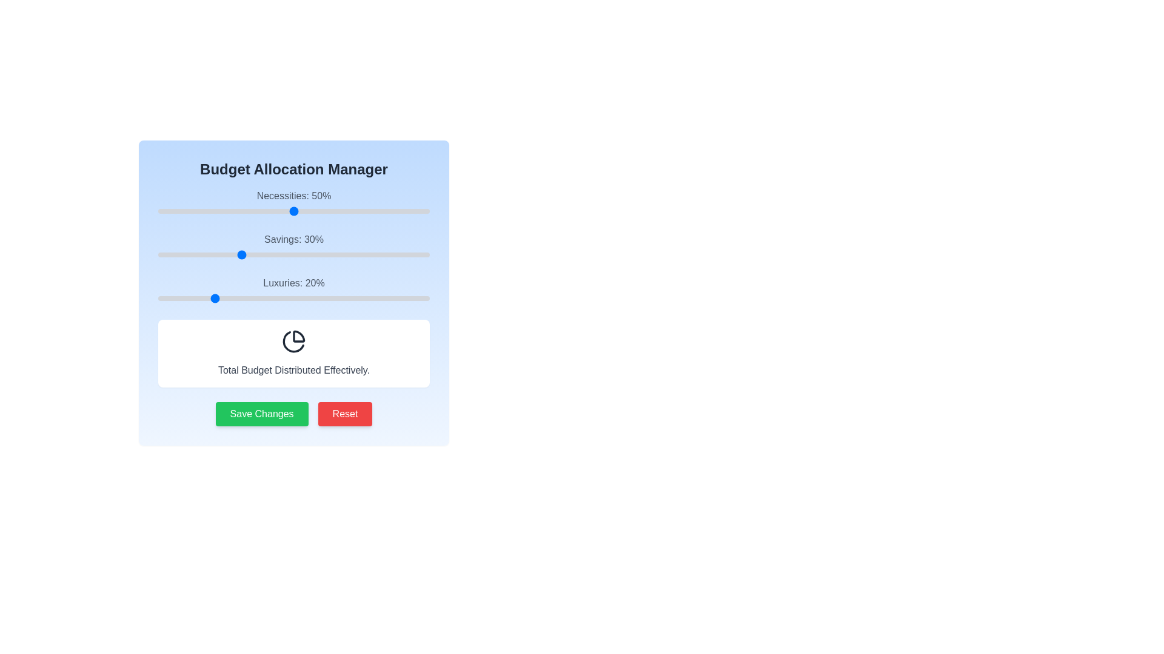 This screenshot has height=654, width=1164. Describe the element at coordinates (329, 254) in the screenshot. I see `savings percentage` at that location.